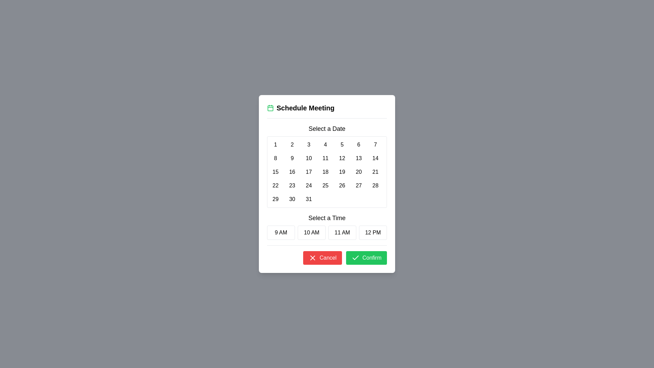 This screenshot has width=654, height=368. What do you see at coordinates (375, 185) in the screenshot?
I see `the small square button containing the number '28' to observe its hover effect, which changes the background to light blue` at bounding box center [375, 185].